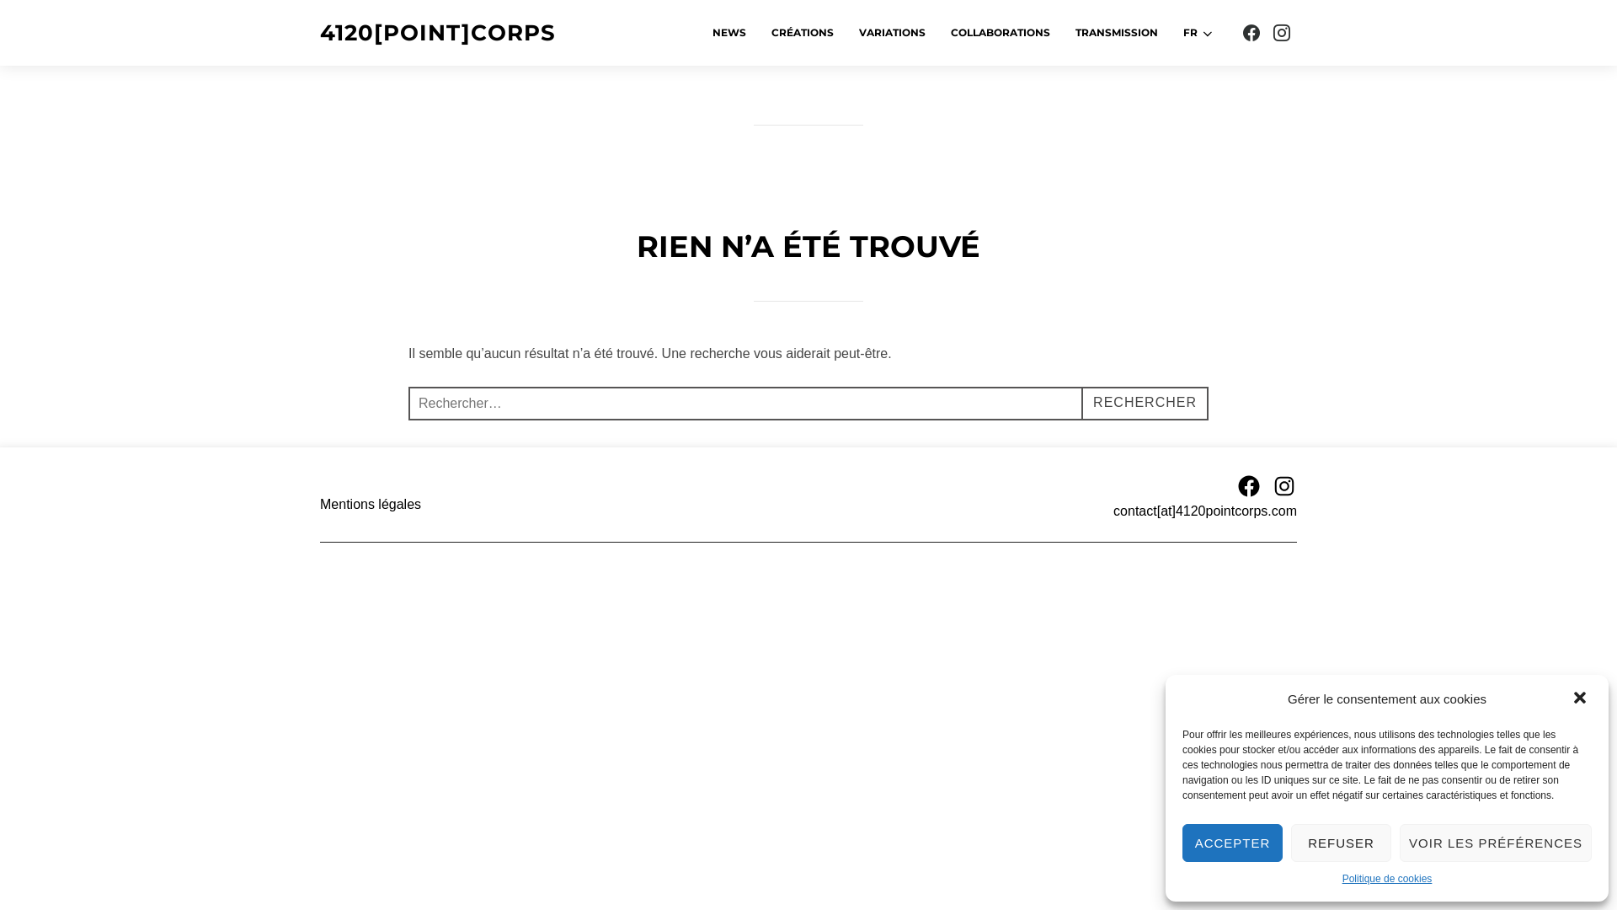 The width and height of the screenshot is (1617, 910). I want to click on 'VARIATIONS', so click(891, 33).